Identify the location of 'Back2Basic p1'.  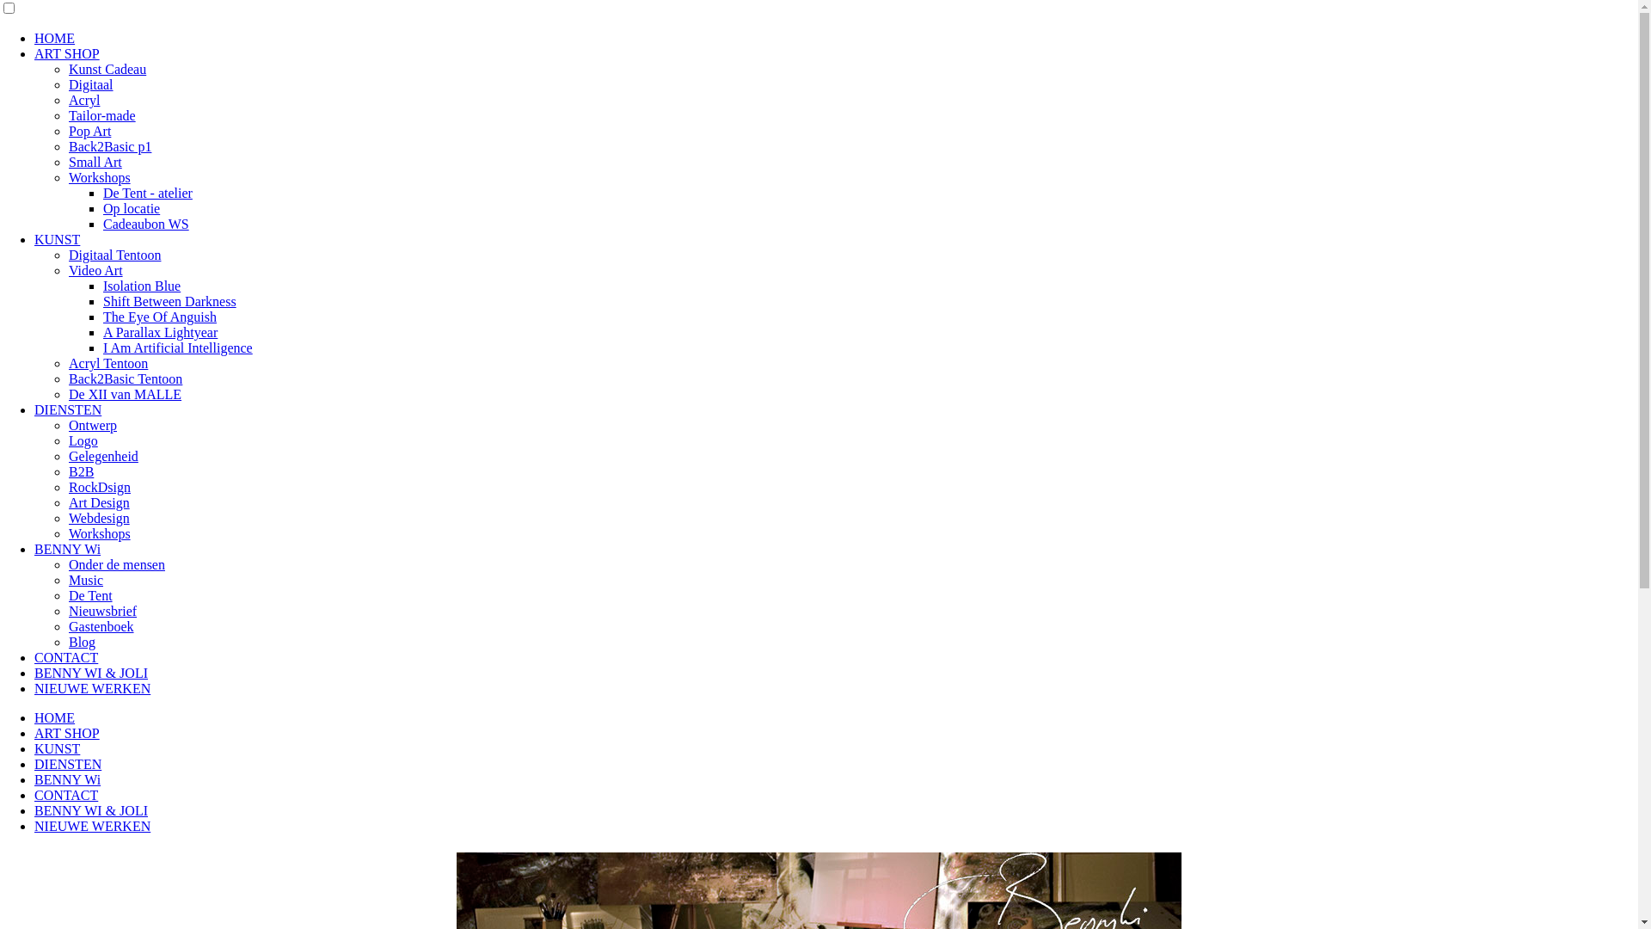
(109, 145).